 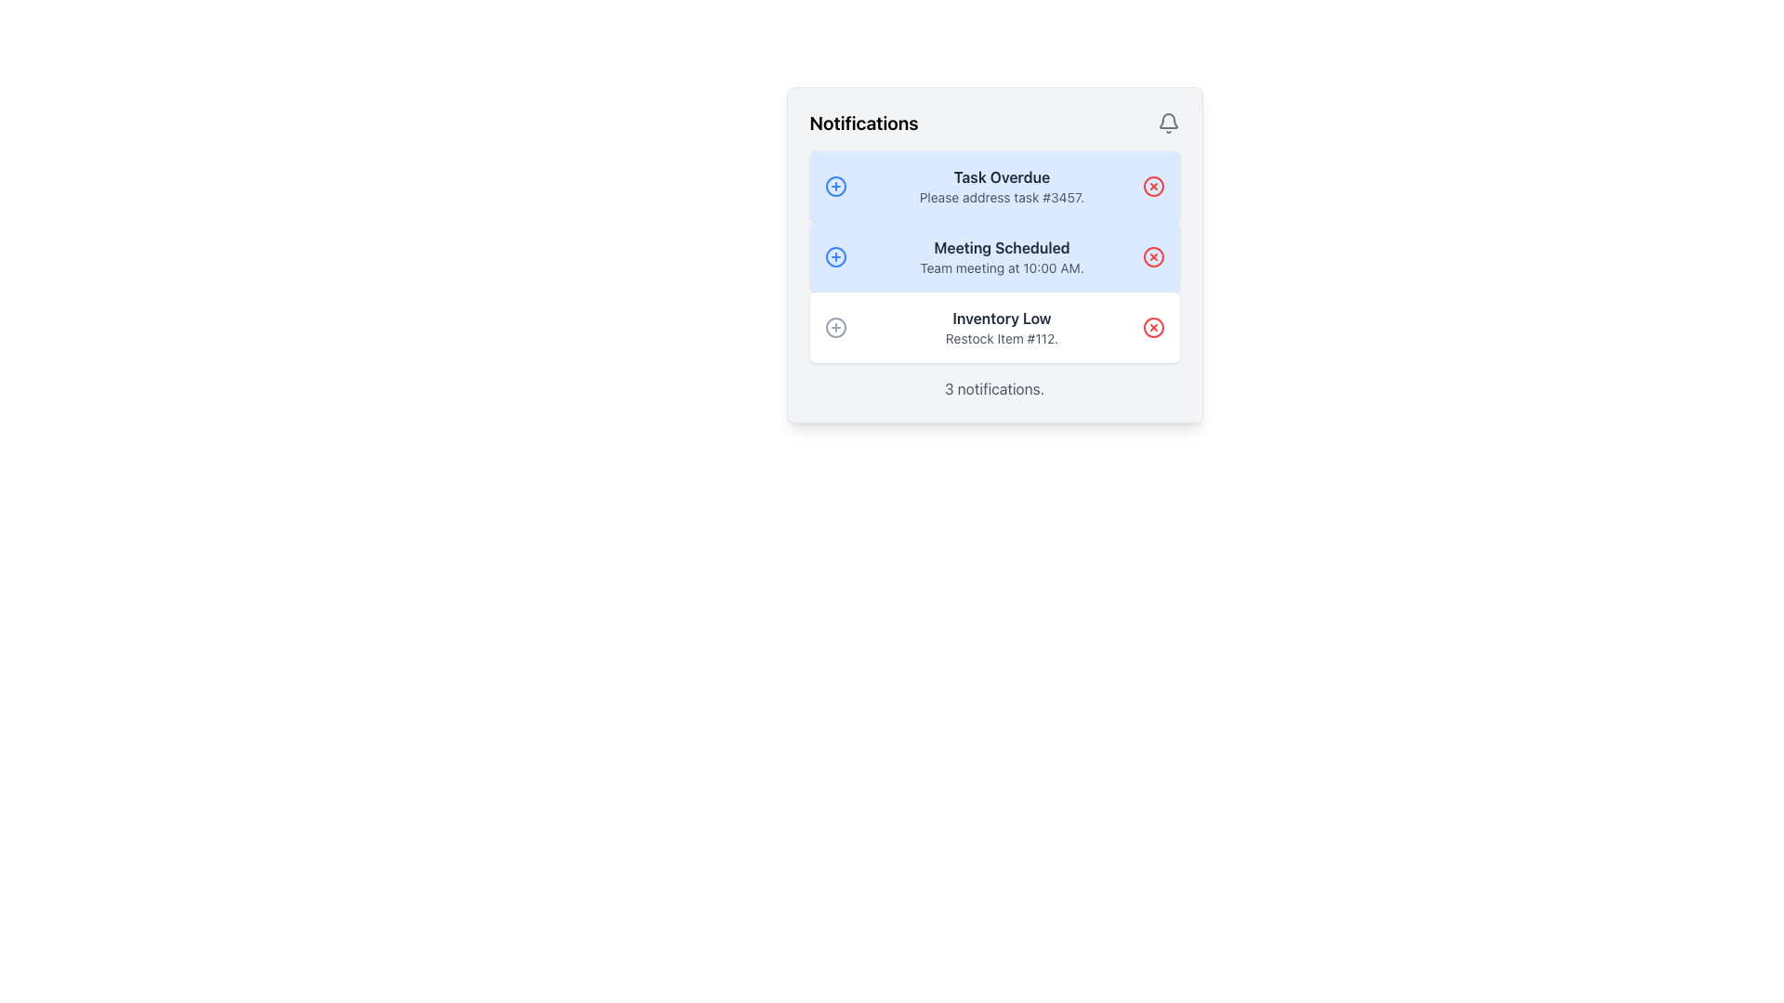 What do you see at coordinates (834, 186) in the screenshot?
I see `the circular graphic element within the notification card that symbolizes the status of the first notification entry, located to the left of the text 'Task Overdue'` at bounding box center [834, 186].